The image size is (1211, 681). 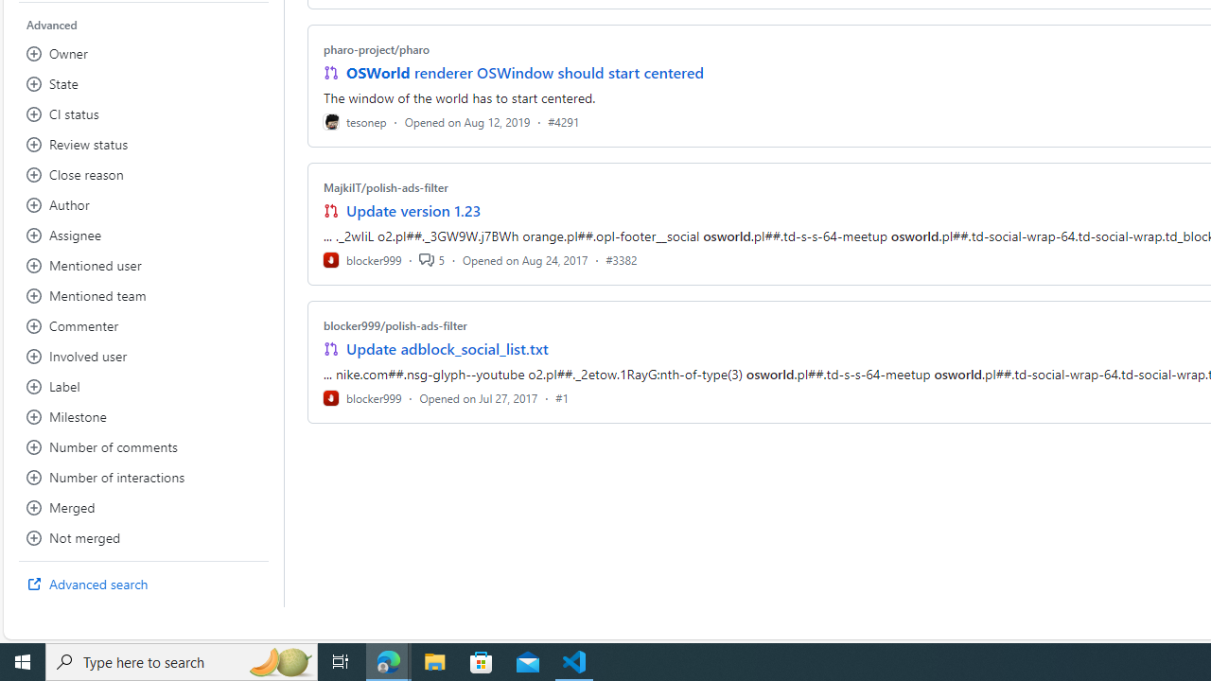 I want to click on '5', so click(x=430, y=259).